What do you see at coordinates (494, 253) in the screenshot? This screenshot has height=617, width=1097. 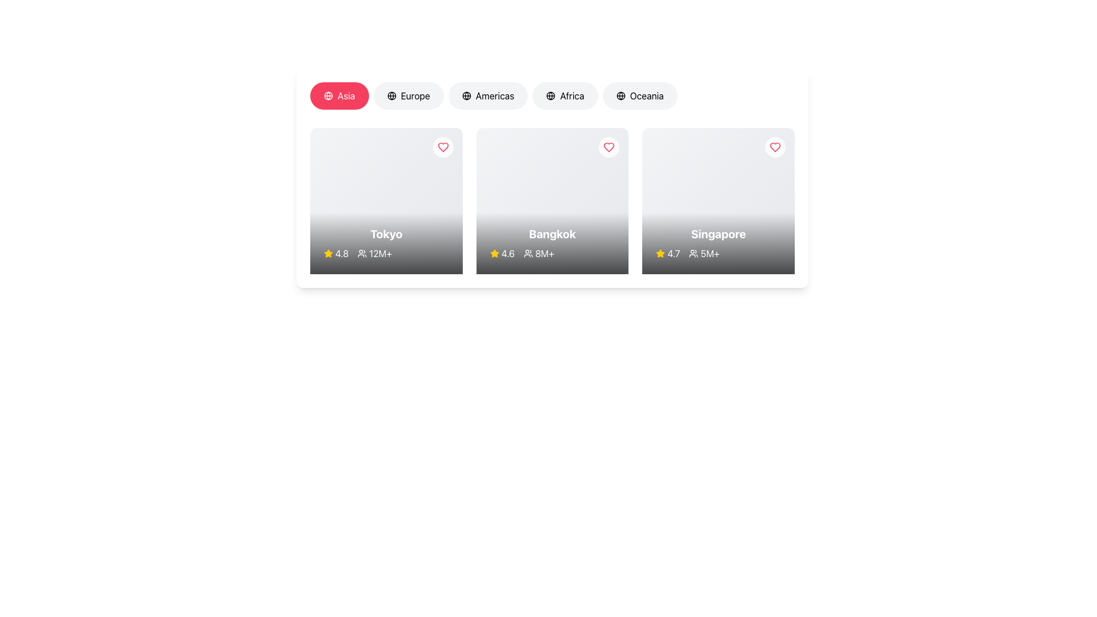 I see `the decorative star icon that indicates the rating for the city 'Singapore'` at bounding box center [494, 253].